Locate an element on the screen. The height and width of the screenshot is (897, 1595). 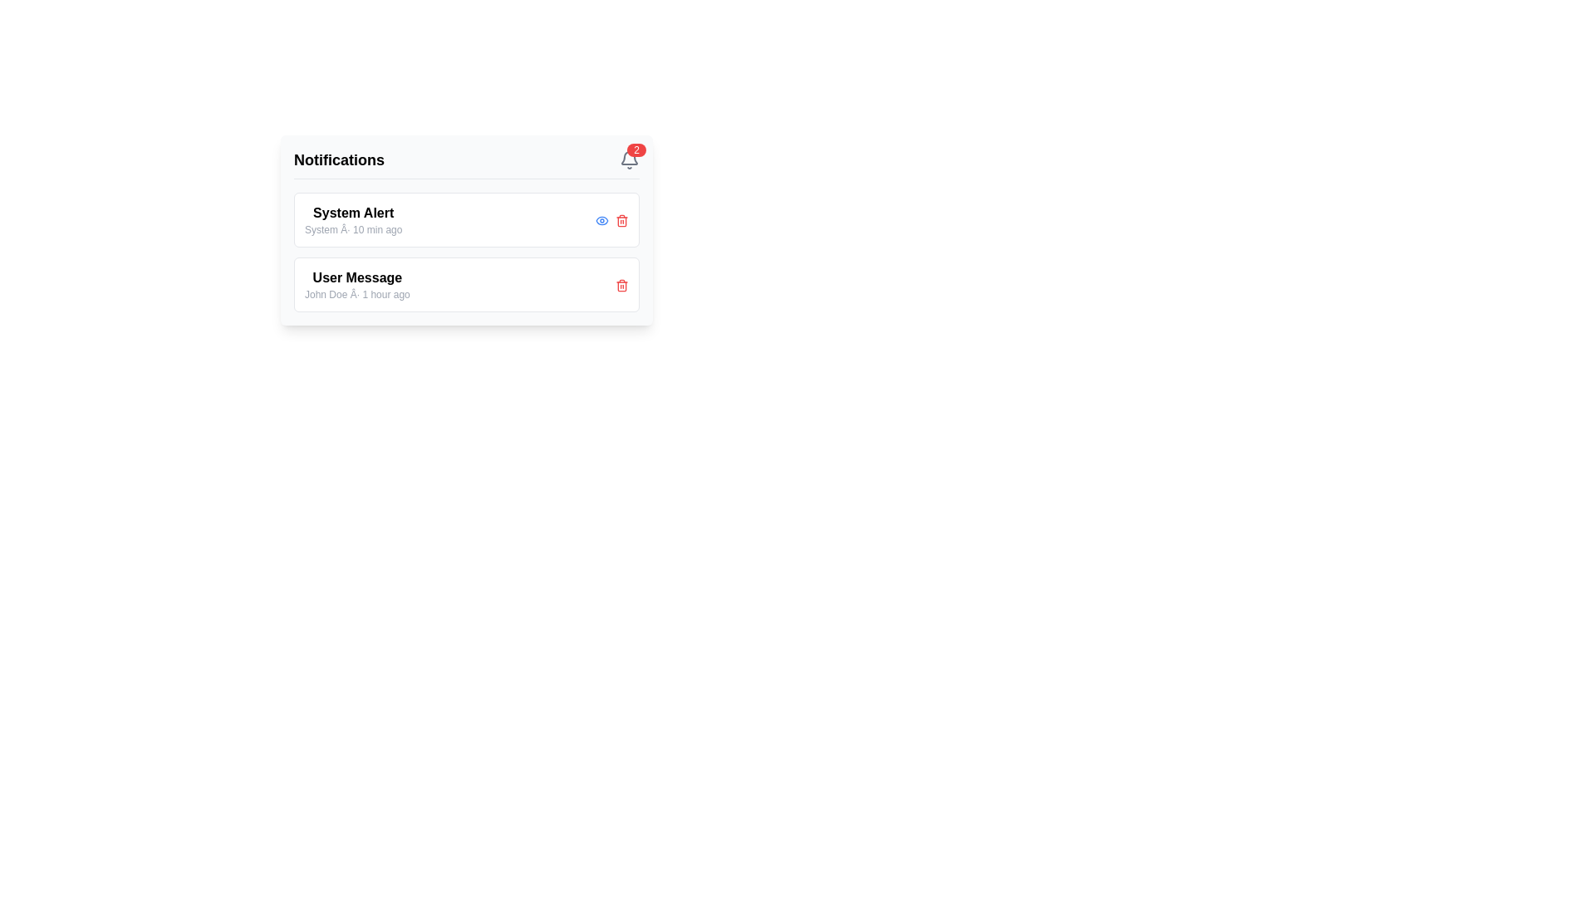
the leftmost icon-button in the action bar of the first notification entry titled 'System Alert' is located at coordinates (601, 219).